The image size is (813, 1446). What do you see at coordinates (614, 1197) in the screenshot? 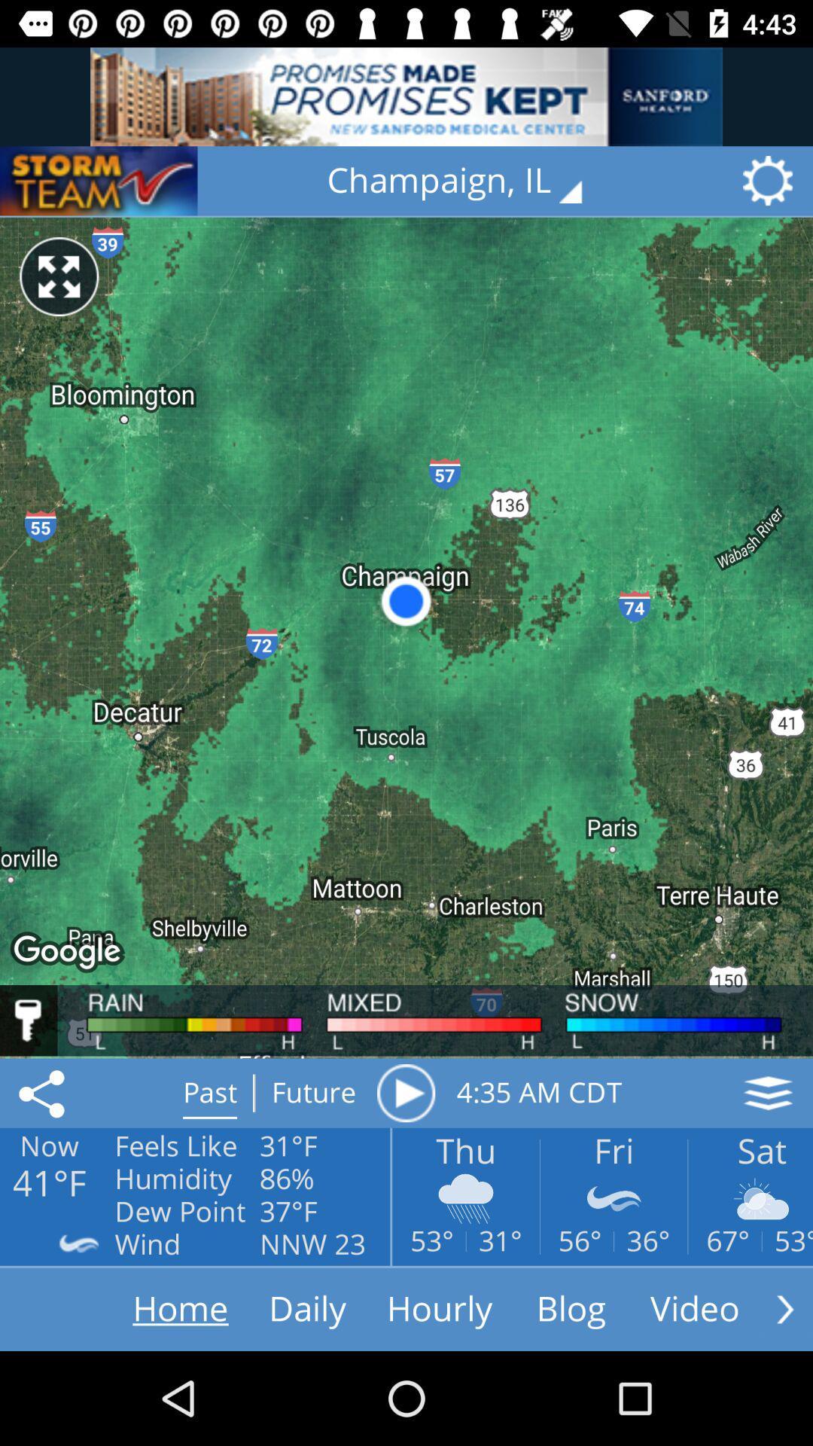
I see `the icon fri` at bounding box center [614, 1197].